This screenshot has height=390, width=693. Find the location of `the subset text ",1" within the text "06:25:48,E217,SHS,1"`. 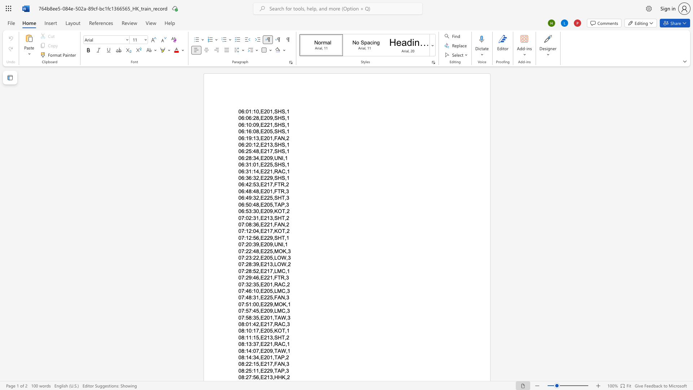

the subset text ",1" within the text "06:25:48,E217,SHS,1" is located at coordinates (285, 151).